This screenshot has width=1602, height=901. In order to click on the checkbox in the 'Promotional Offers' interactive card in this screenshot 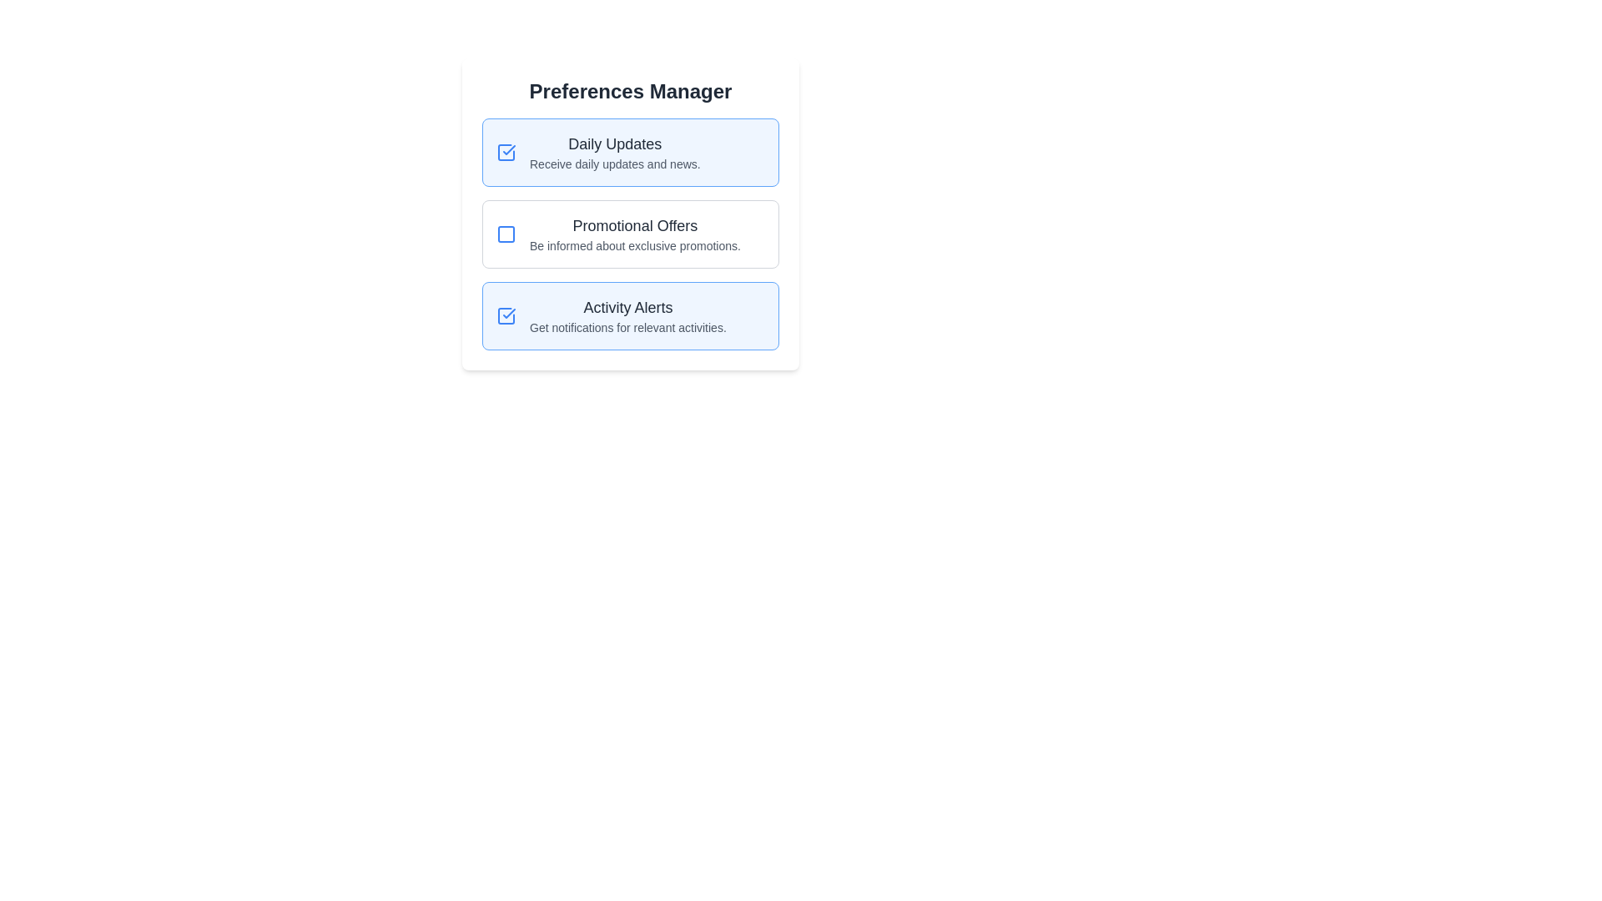, I will do `click(629, 234)`.